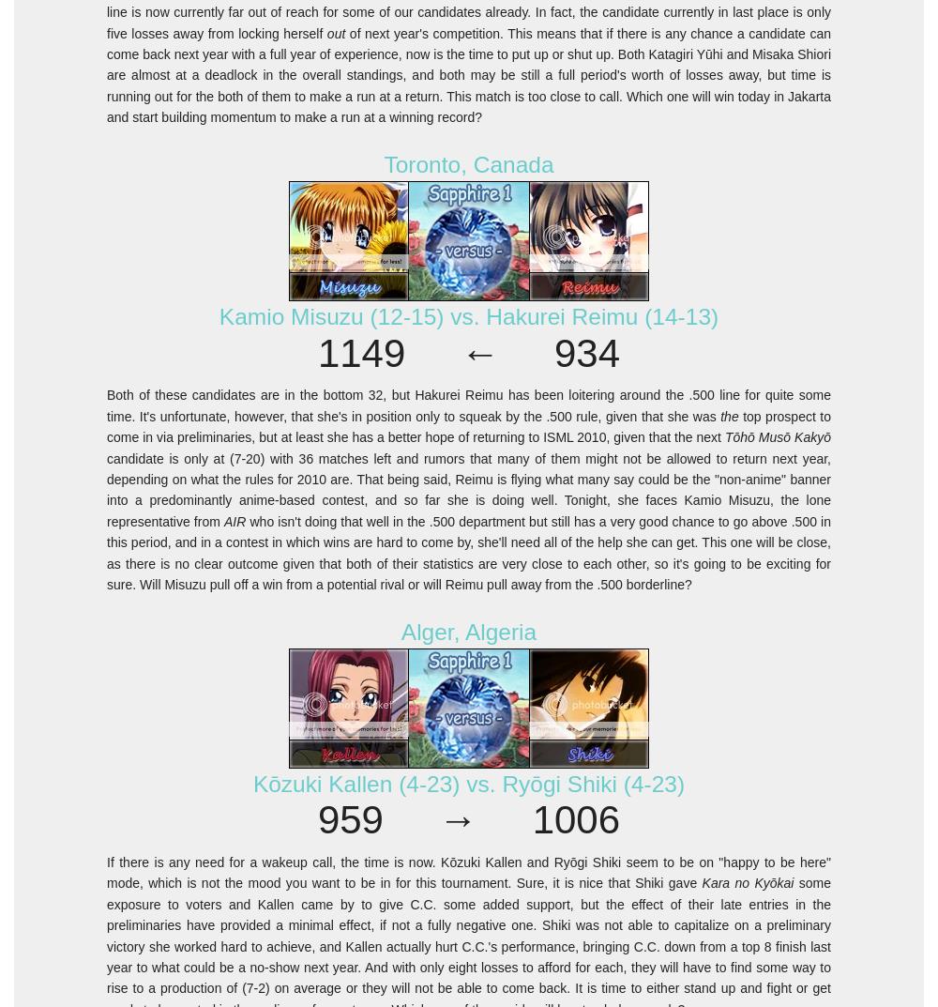 The height and width of the screenshot is (1007, 938). What do you see at coordinates (223, 520) in the screenshot?
I see `'AIR'` at bounding box center [223, 520].